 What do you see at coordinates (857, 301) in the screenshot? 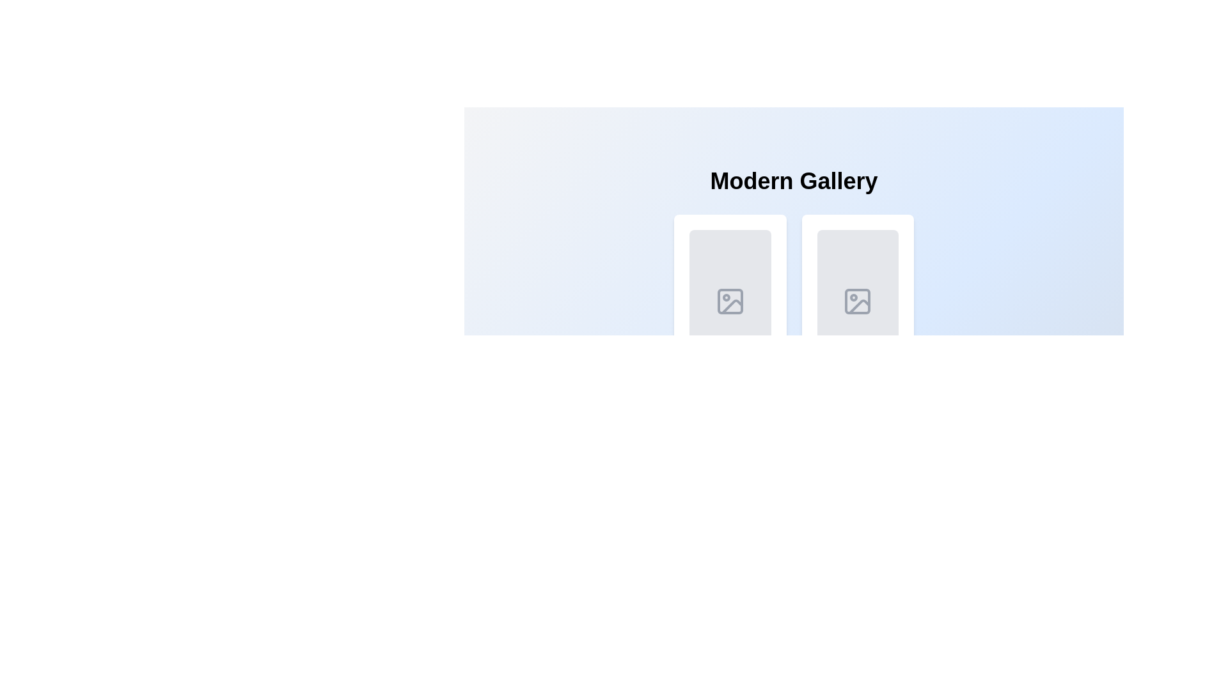
I see `the icon representing a picture inside a rounded rectangle frame, located in the right cell under the 'Modern Gallery' header` at bounding box center [857, 301].